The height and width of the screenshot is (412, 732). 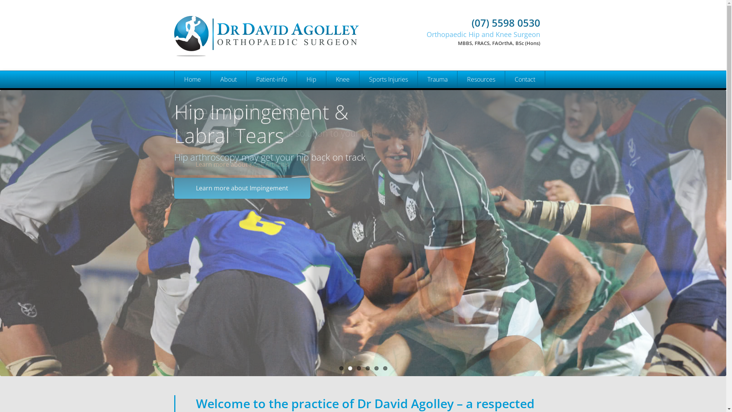 What do you see at coordinates (385, 368) in the screenshot?
I see `'6'` at bounding box center [385, 368].